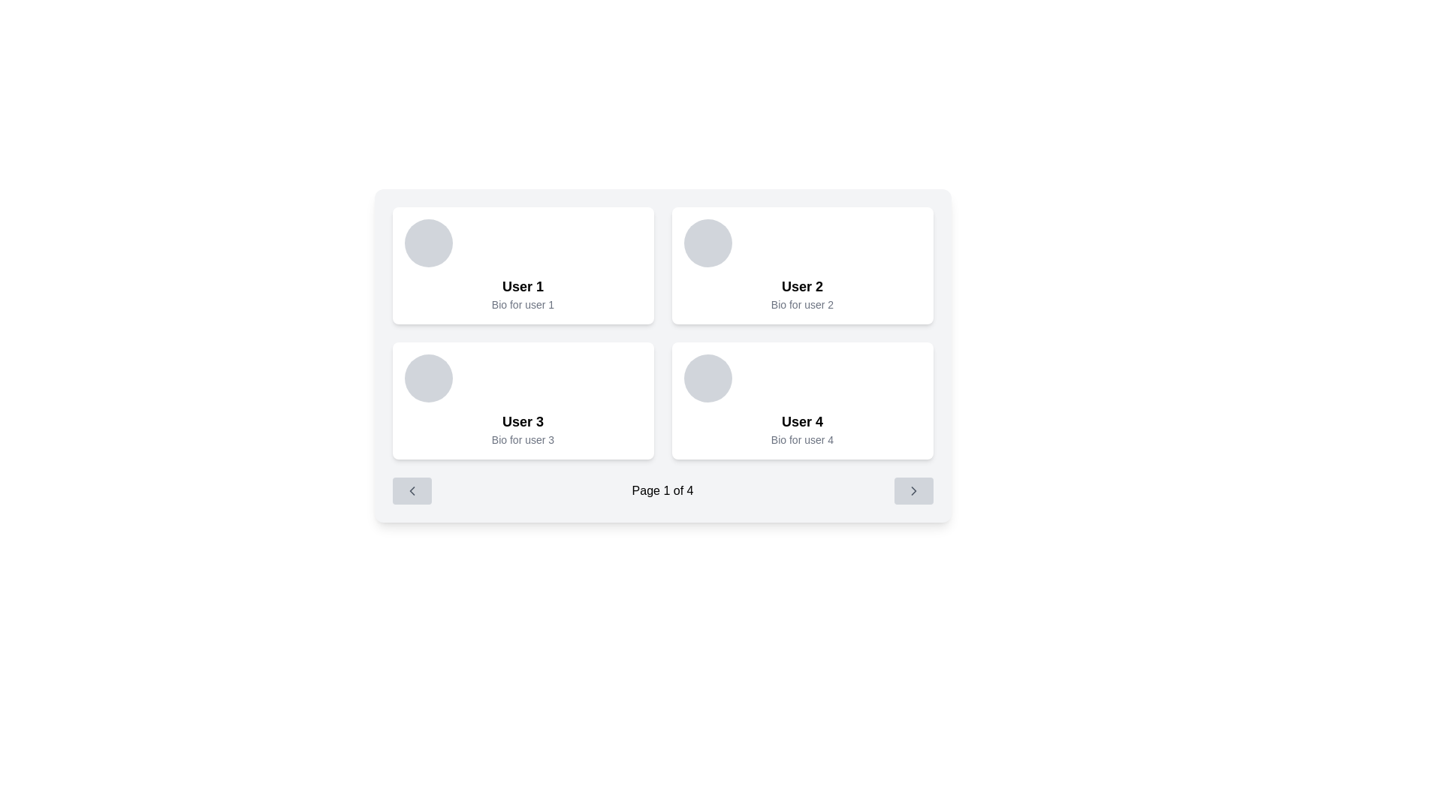  Describe the element at coordinates (913, 491) in the screenshot. I see `the right-pointing chevron icon located in the bottom right corner of the layout` at that location.